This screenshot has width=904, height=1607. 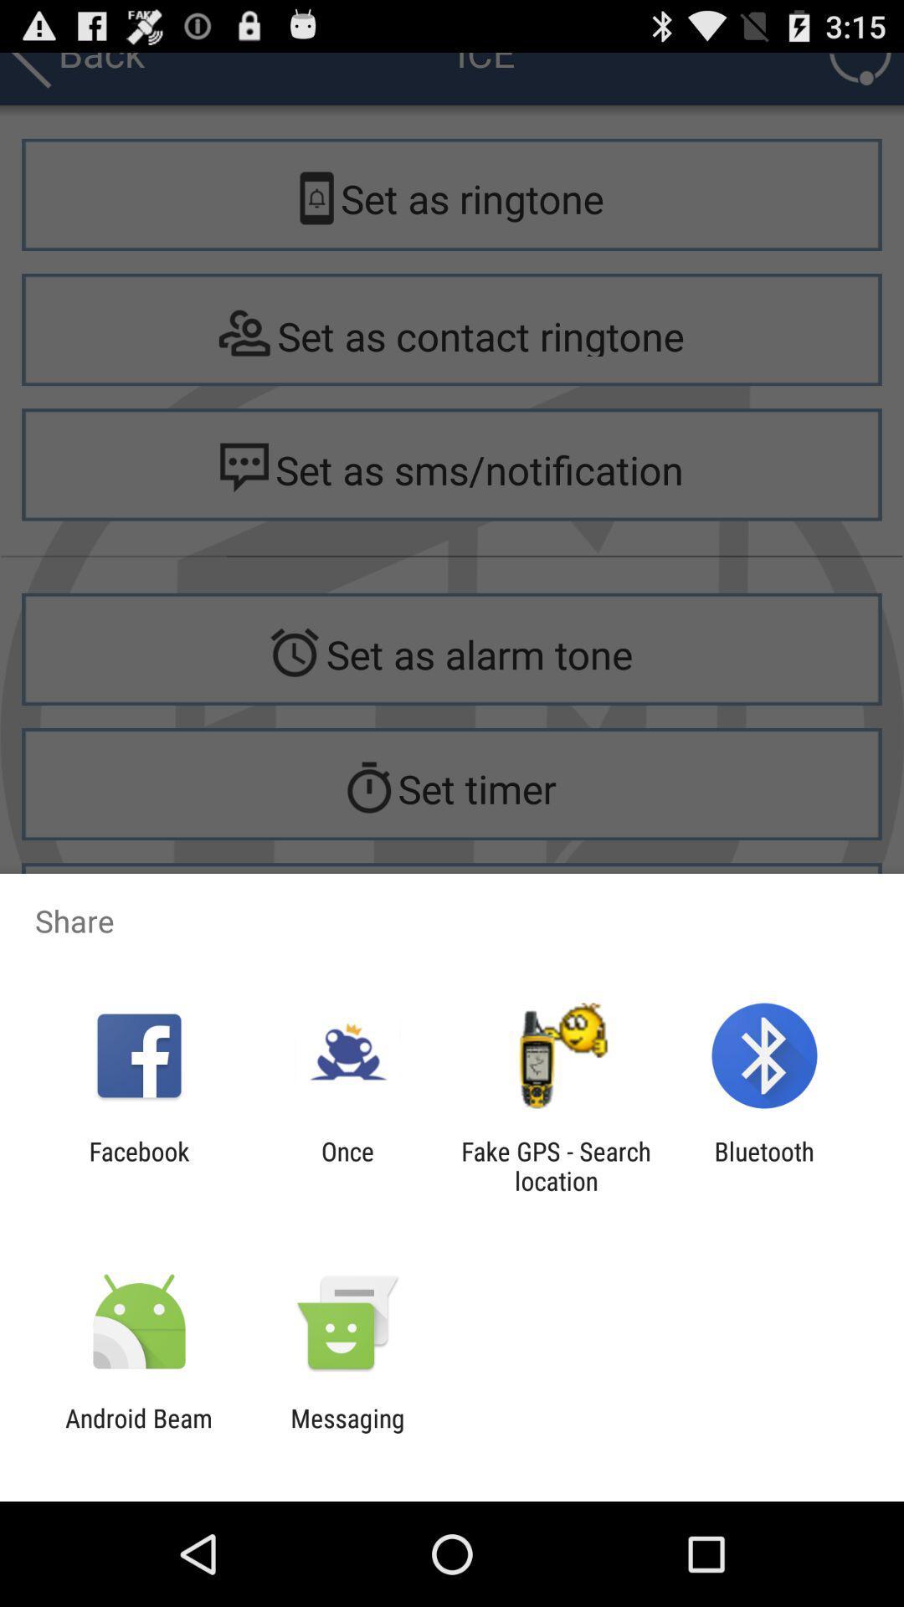 What do you see at coordinates (764, 1165) in the screenshot?
I see `bluetooth icon` at bounding box center [764, 1165].